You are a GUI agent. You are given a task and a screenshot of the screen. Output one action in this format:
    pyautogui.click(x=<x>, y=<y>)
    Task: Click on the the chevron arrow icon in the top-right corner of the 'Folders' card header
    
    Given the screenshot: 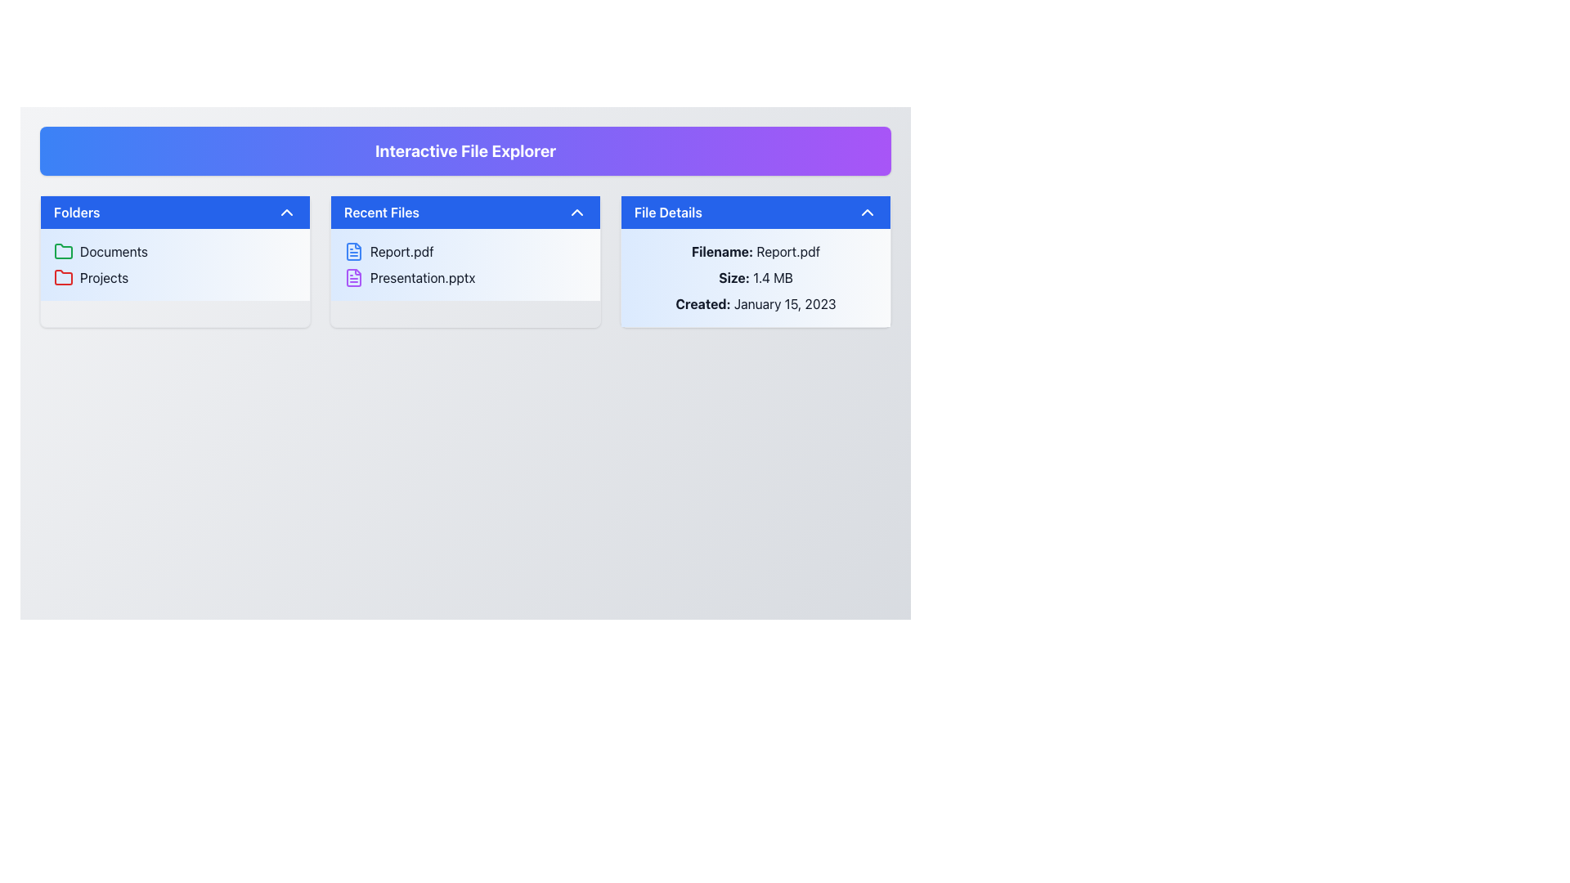 What is the action you would take?
    pyautogui.click(x=286, y=211)
    